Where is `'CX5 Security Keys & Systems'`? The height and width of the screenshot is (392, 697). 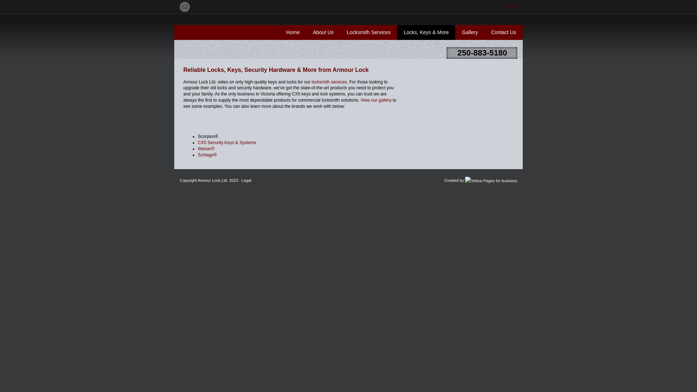 'CX5 Security Keys & Systems' is located at coordinates (227, 143).